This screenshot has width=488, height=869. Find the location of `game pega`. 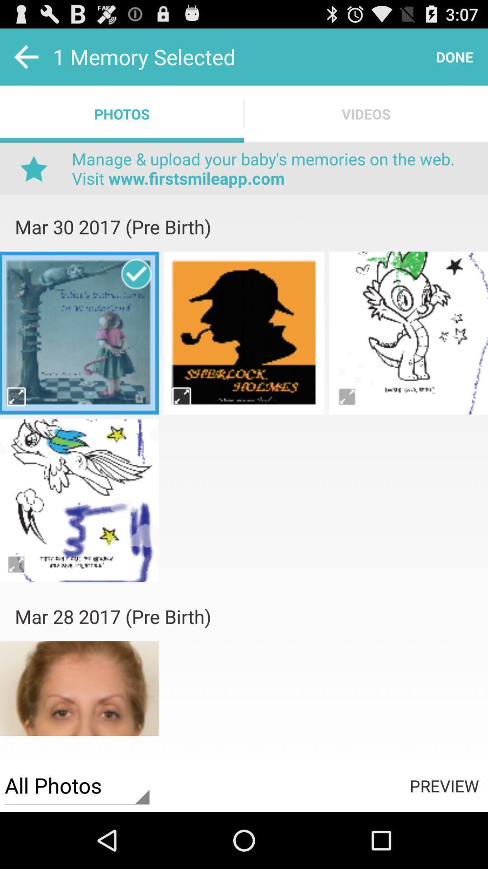

game pega is located at coordinates (79, 500).